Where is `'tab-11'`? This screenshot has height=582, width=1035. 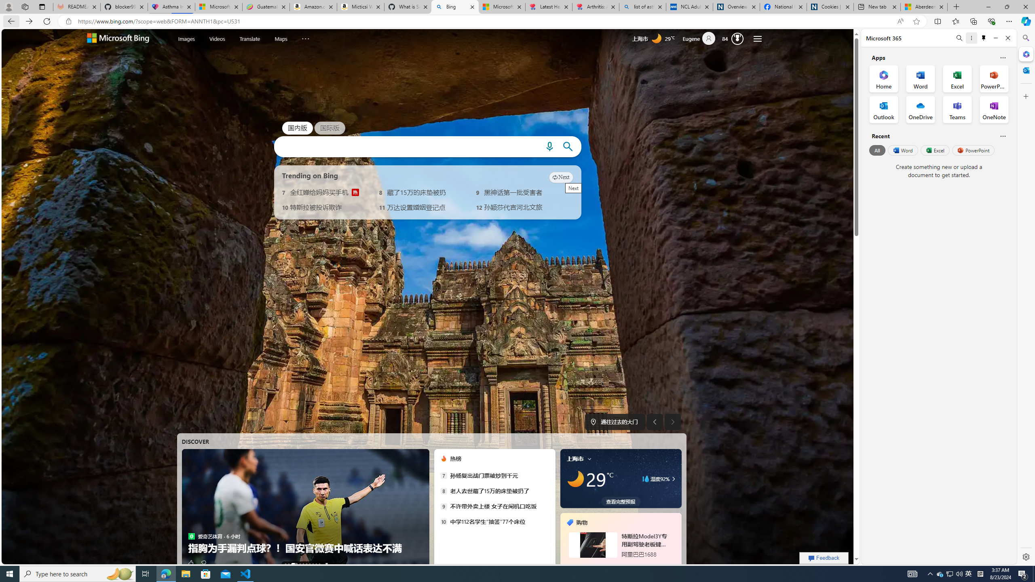
'tab-11' is located at coordinates (631, 565).